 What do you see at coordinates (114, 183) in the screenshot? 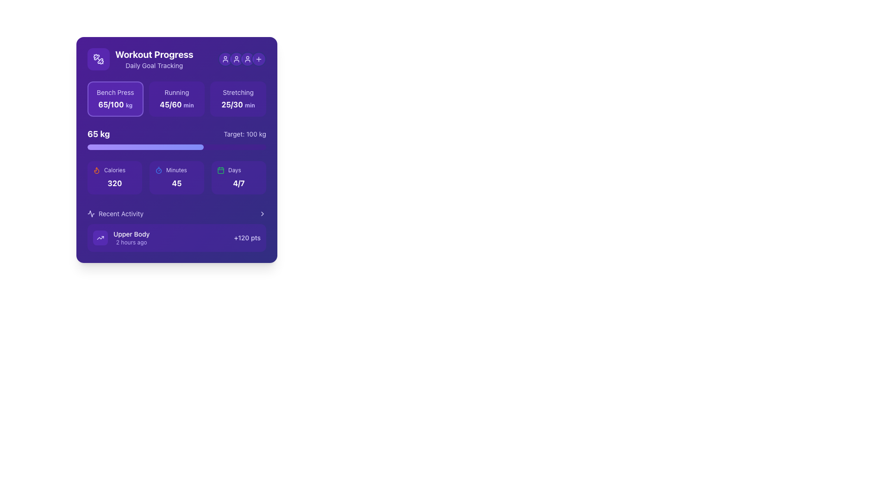
I see `the text label displaying the calorie count in the lower-left section of the 'Workout Progress' purple card, located below the 'Calories' text and flame icon` at bounding box center [114, 183].